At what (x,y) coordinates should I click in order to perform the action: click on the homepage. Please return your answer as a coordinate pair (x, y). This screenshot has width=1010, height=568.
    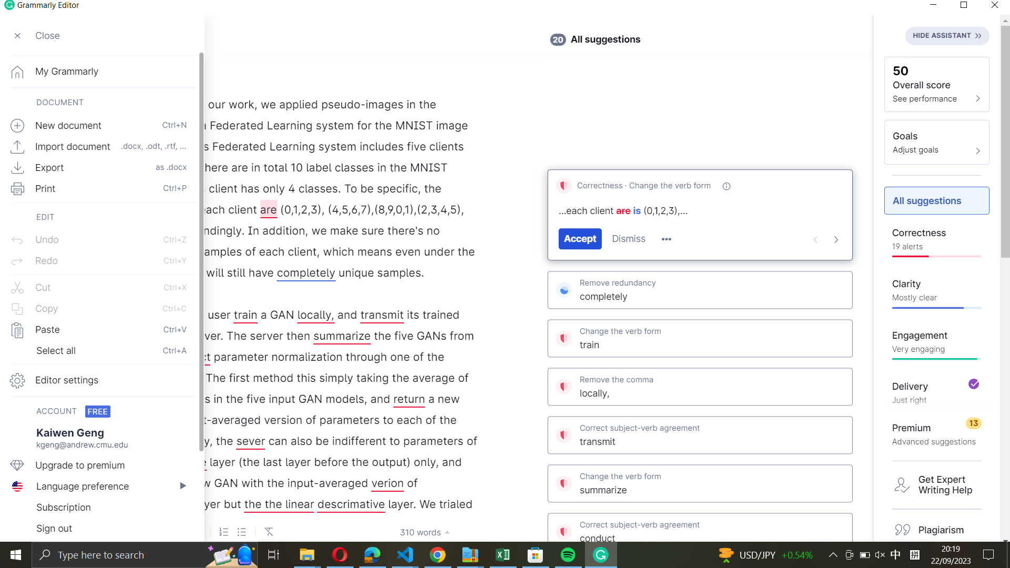
    Looking at the image, I should click on (98, 70).